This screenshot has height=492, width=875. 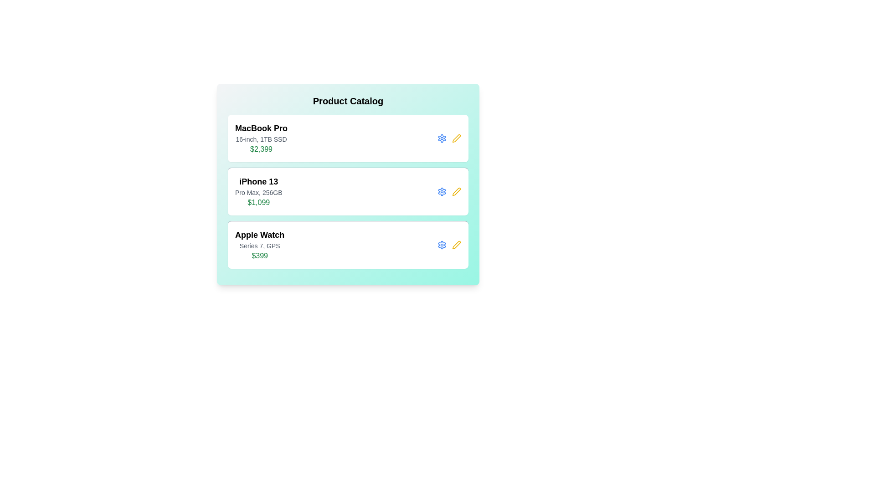 What do you see at coordinates (442, 138) in the screenshot?
I see `the settings icon for the product MacBook Pro` at bounding box center [442, 138].